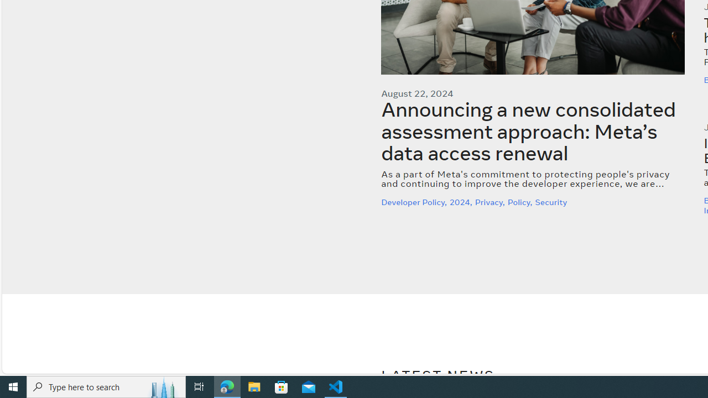 This screenshot has width=708, height=398. What do you see at coordinates (462, 202) in the screenshot?
I see `'2024,'` at bounding box center [462, 202].